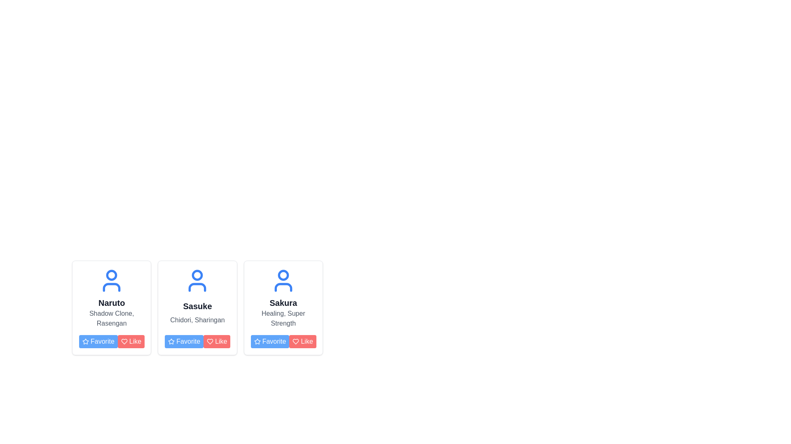 The width and height of the screenshot is (791, 444). Describe the element at coordinates (171, 341) in the screenshot. I see `the blue star icon within the second card from the left` at that location.